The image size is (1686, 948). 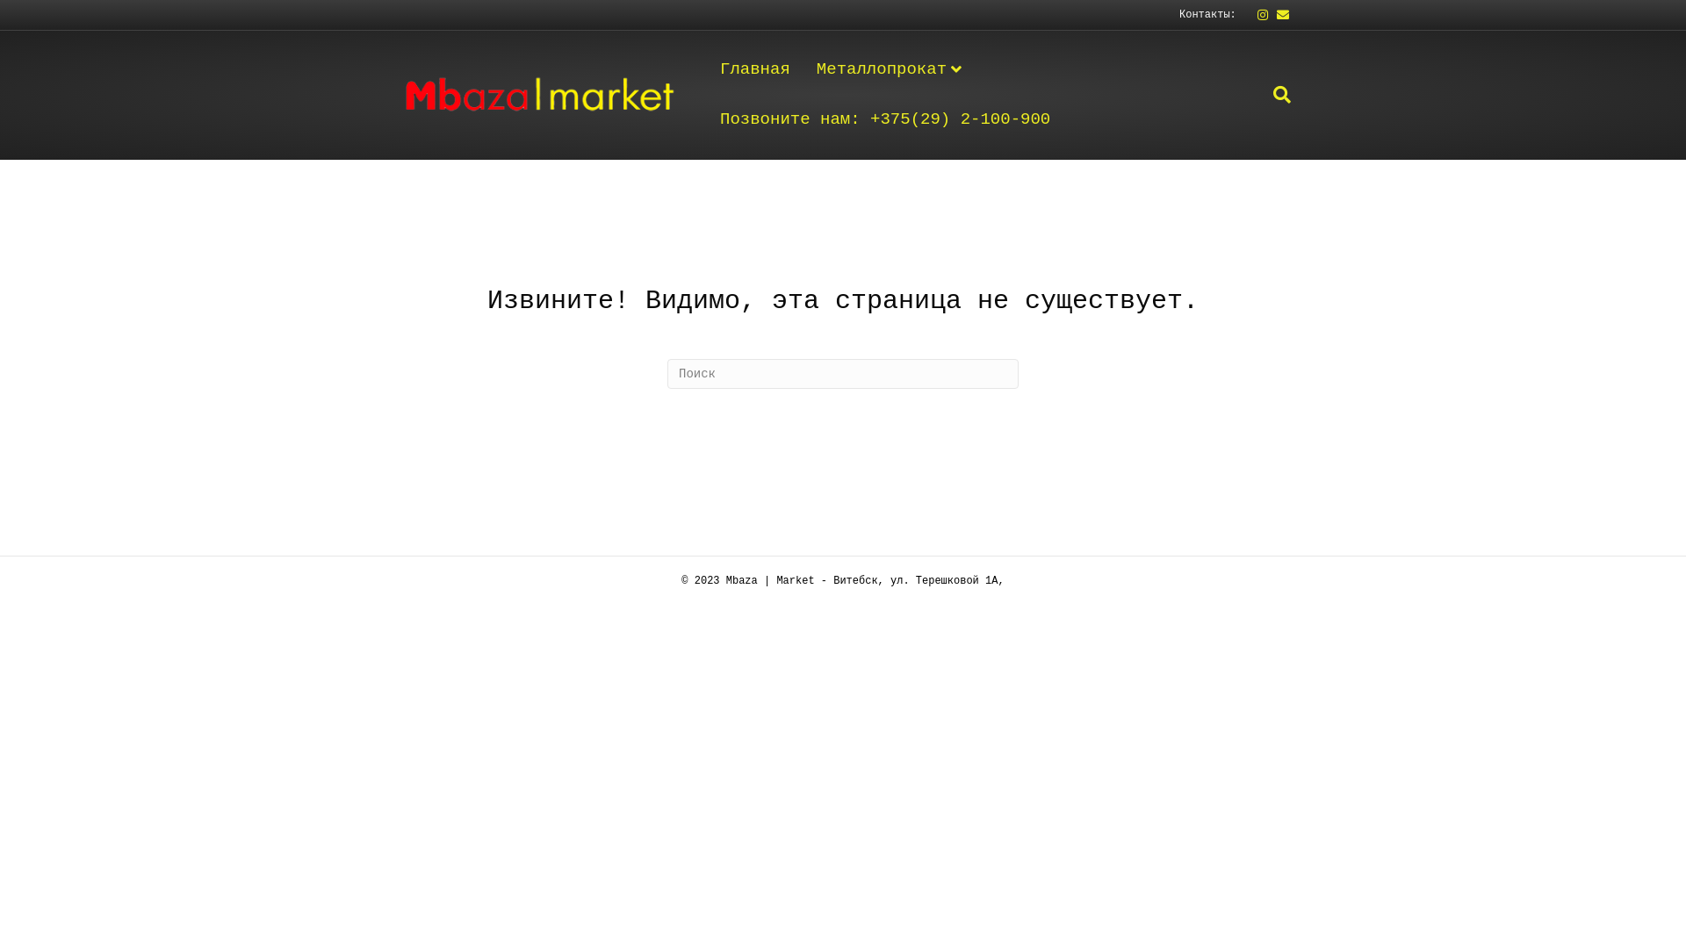 What do you see at coordinates (1278, 14) in the screenshot?
I see `'Email'` at bounding box center [1278, 14].